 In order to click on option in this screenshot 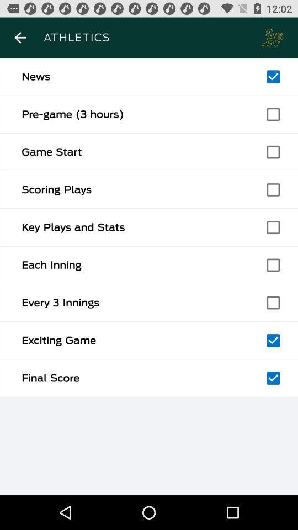, I will do `click(273, 340)`.